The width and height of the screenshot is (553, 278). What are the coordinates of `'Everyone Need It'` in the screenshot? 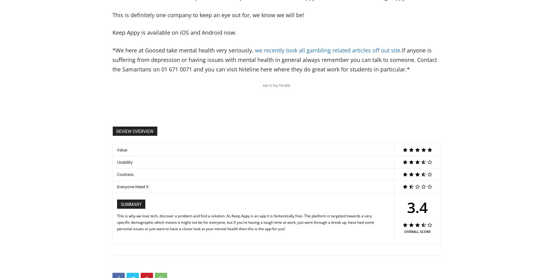 It's located at (133, 186).